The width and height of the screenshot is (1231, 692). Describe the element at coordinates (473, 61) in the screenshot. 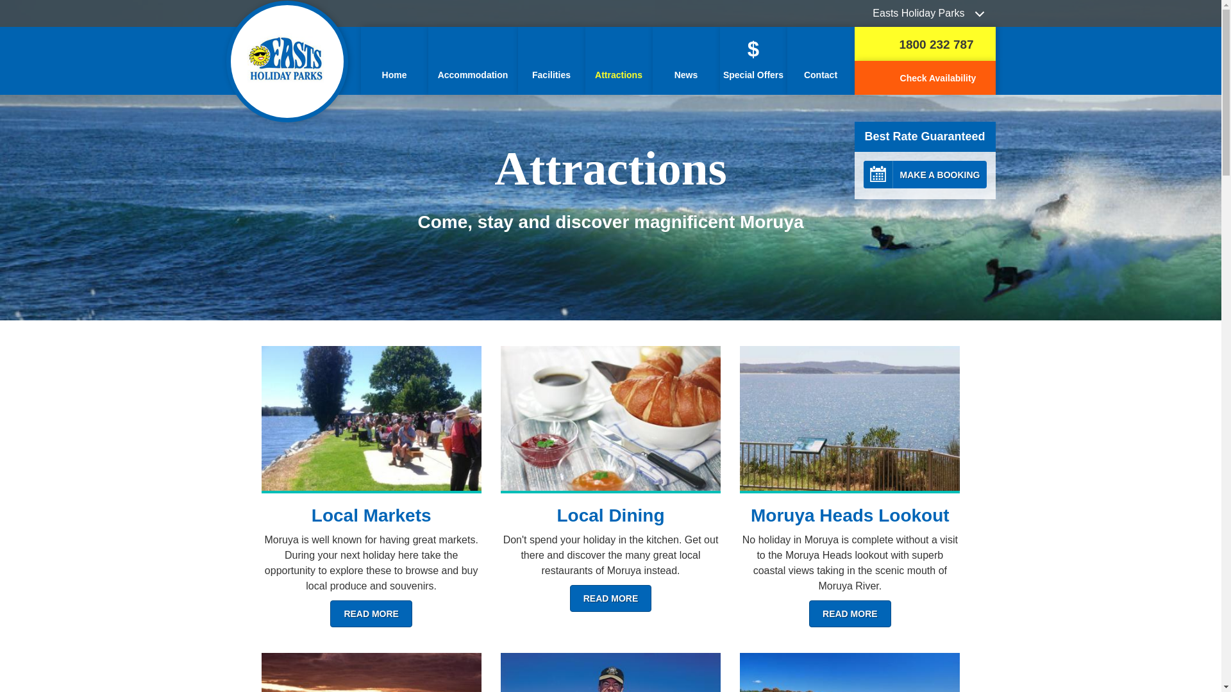

I see `'Accommodation'` at that location.